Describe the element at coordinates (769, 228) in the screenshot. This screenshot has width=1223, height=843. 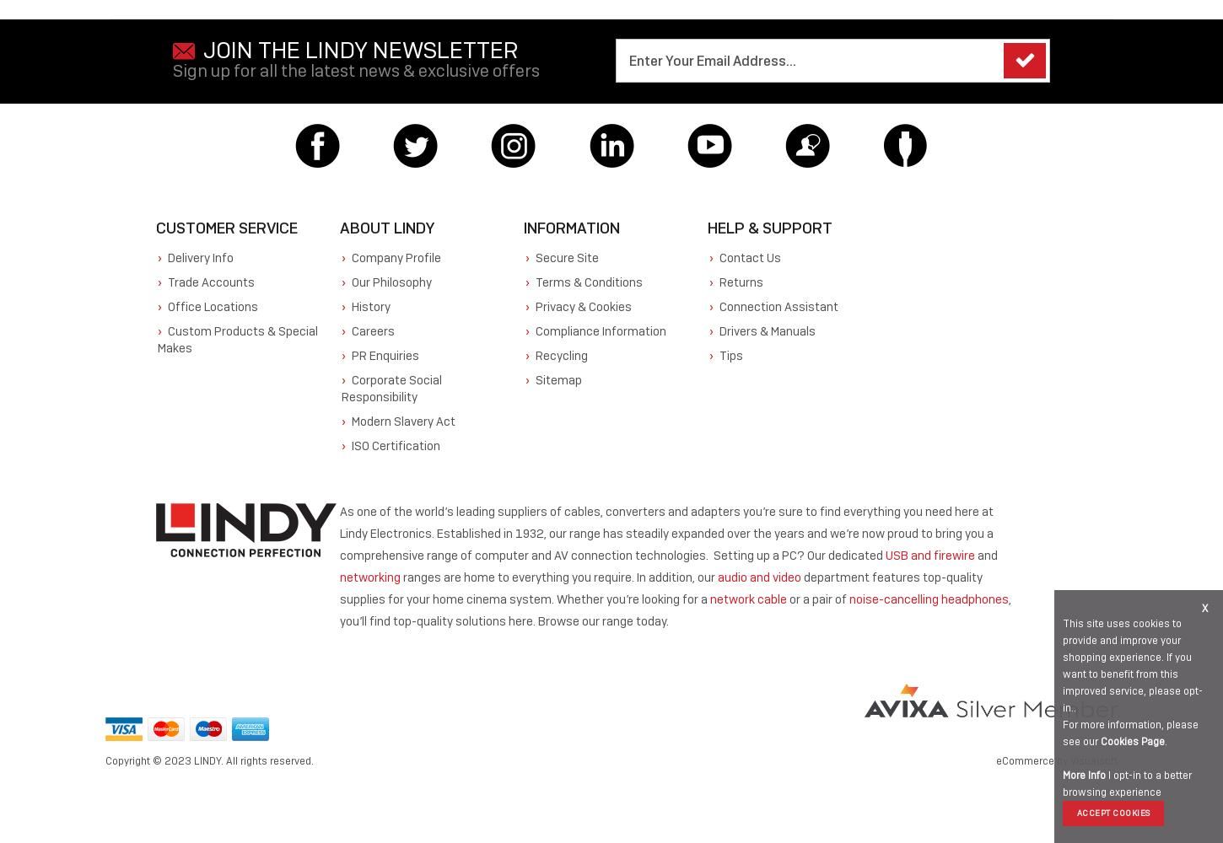
I see `'Help & Support'` at that location.